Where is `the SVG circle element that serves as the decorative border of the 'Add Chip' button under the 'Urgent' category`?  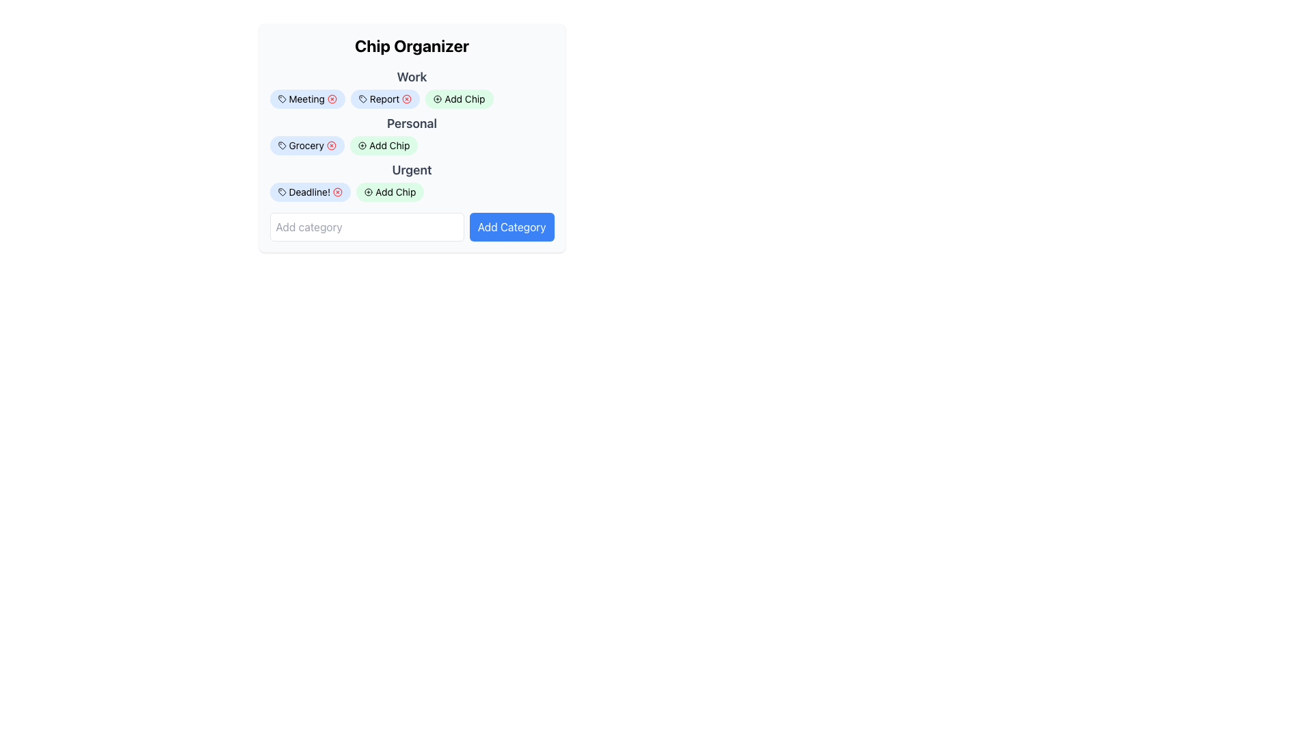 the SVG circle element that serves as the decorative border of the 'Add Chip' button under the 'Urgent' category is located at coordinates (369, 192).